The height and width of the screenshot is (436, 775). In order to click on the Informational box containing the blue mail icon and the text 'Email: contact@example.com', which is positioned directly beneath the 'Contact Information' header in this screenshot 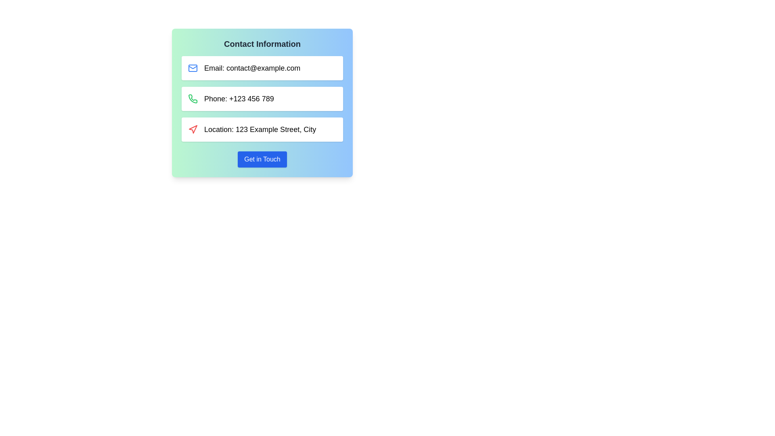, I will do `click(262, 68)`.